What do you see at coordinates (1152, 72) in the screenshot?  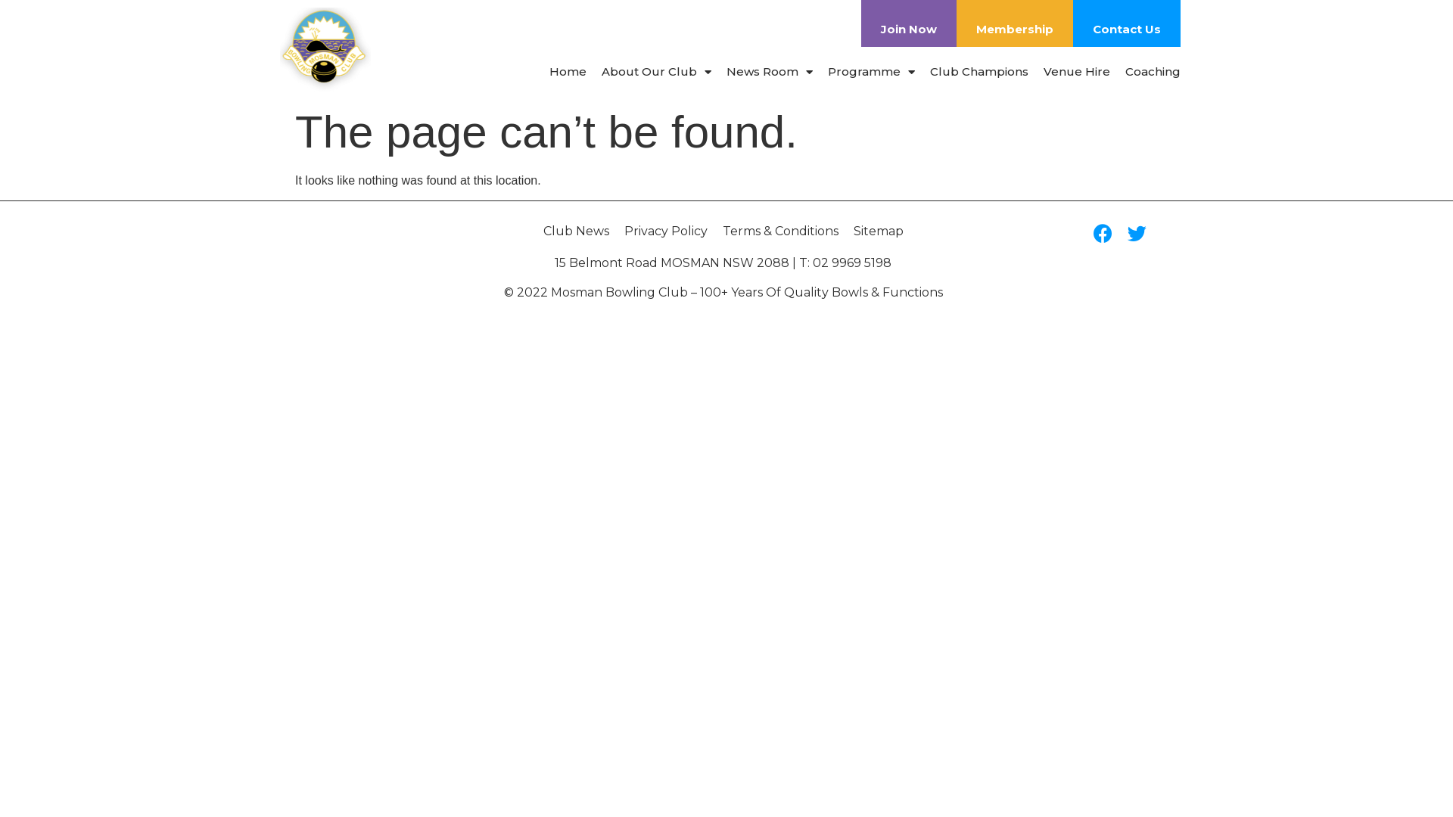 I see `'Coaching'` at bounding box center [1152, 72].